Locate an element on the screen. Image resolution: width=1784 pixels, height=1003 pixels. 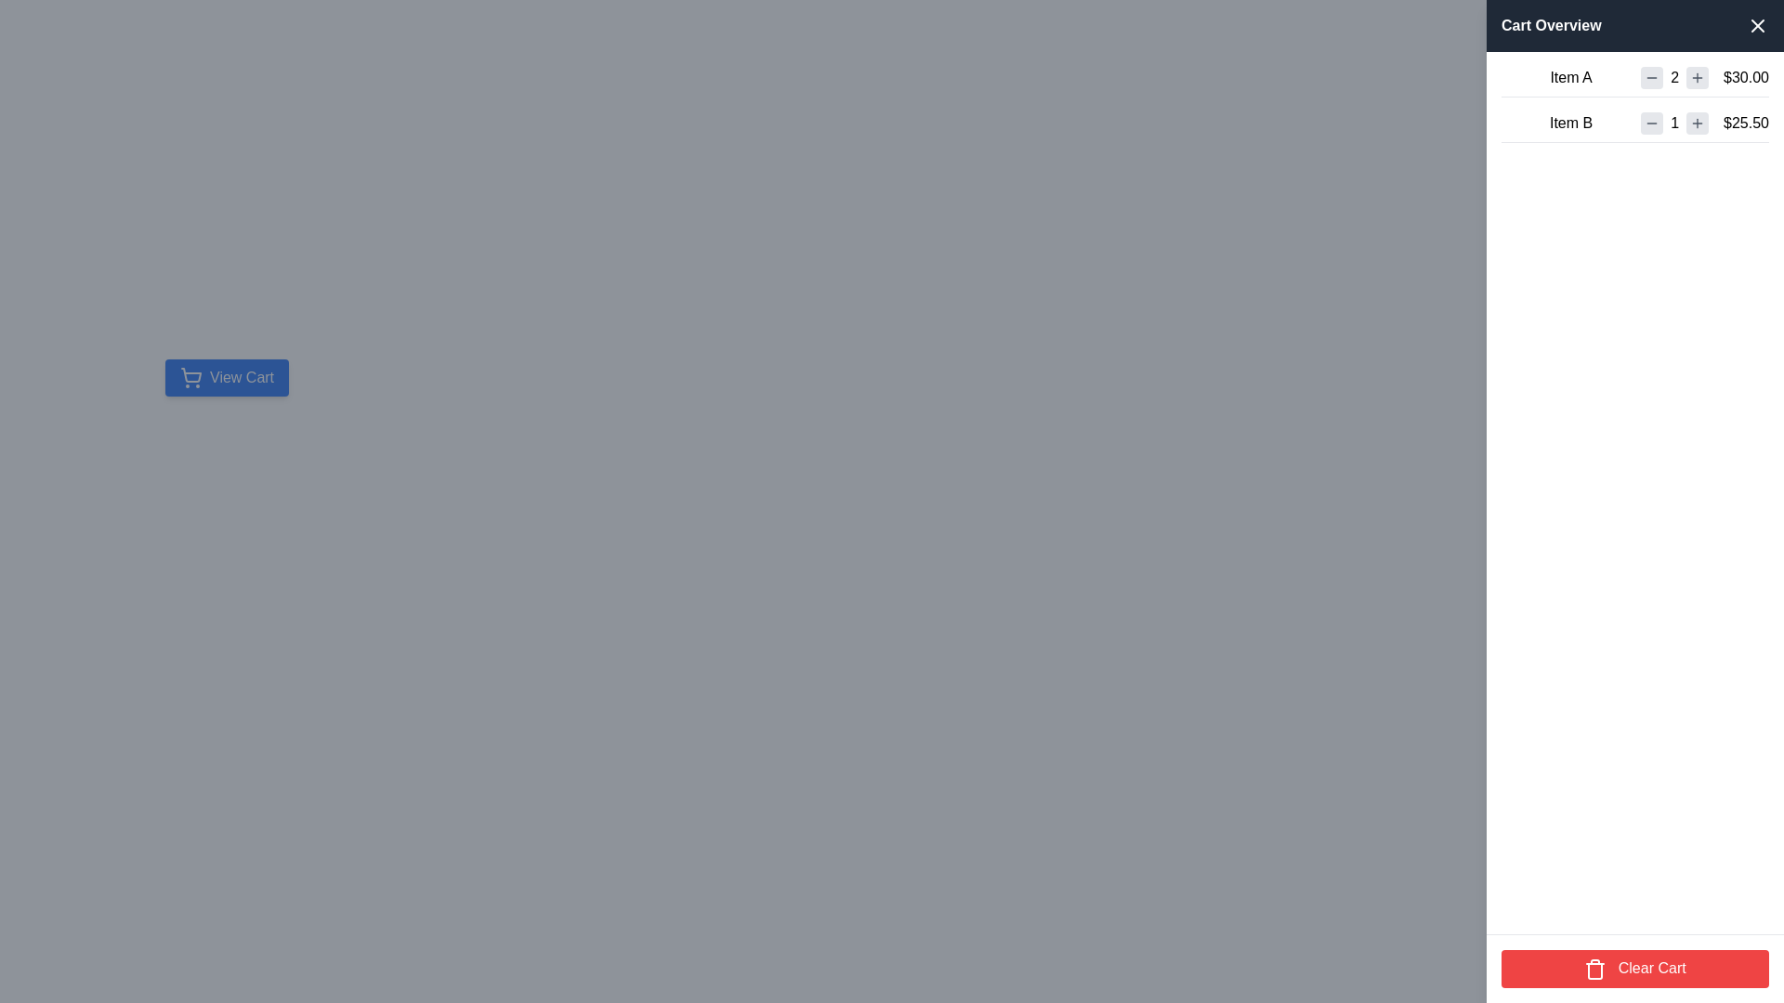
the '+' button next to the quantity input box for 'Item A' in the cart is located at coordinates (1698, 77).